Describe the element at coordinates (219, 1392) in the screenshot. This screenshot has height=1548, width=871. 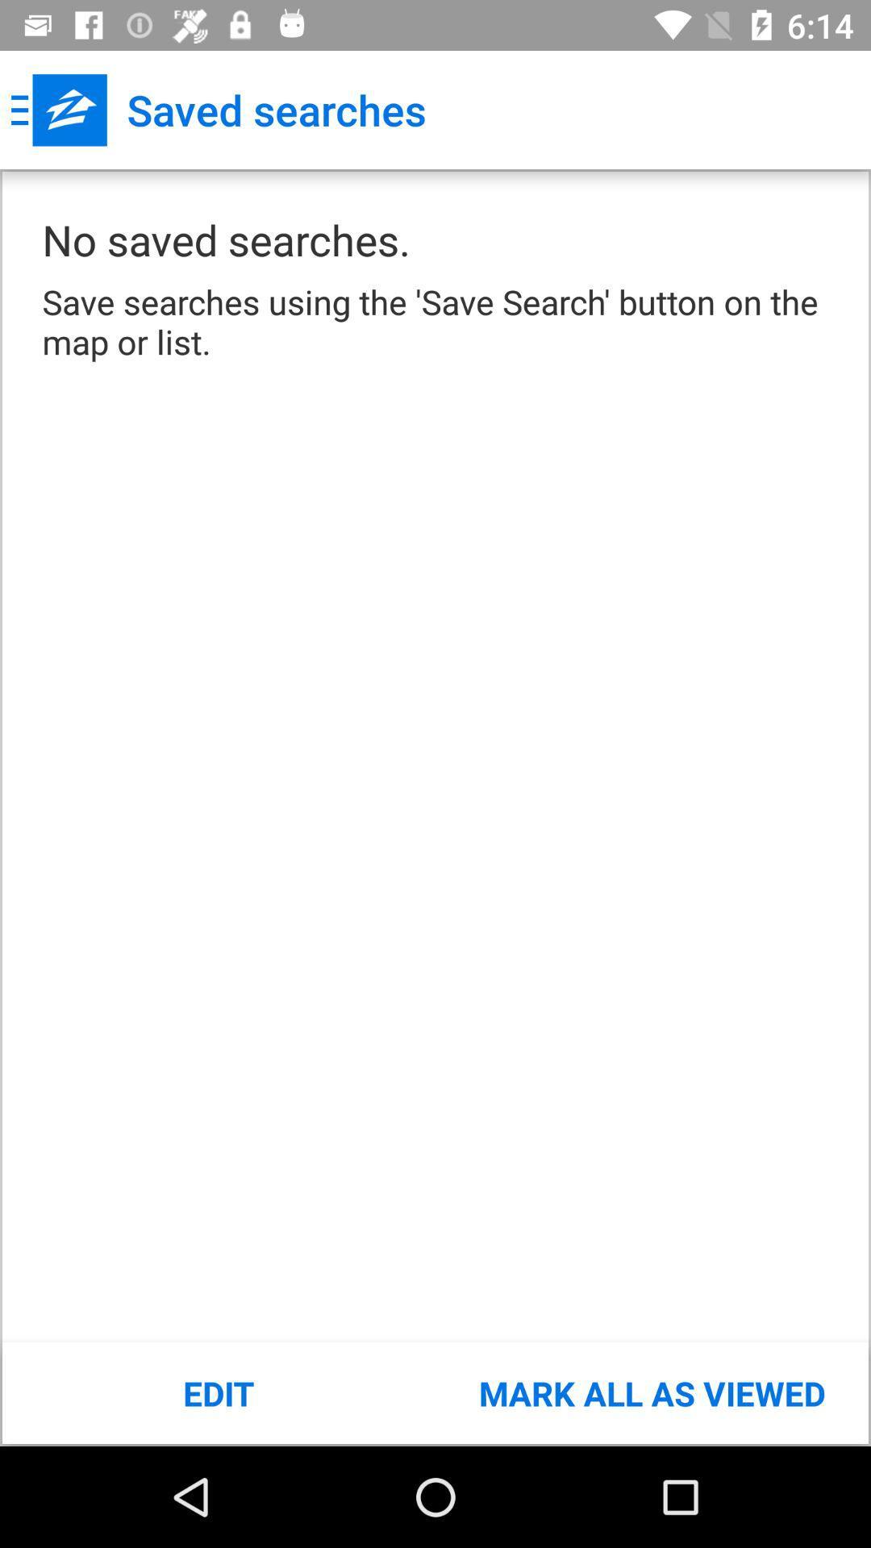
I see `the edit item` at that location.